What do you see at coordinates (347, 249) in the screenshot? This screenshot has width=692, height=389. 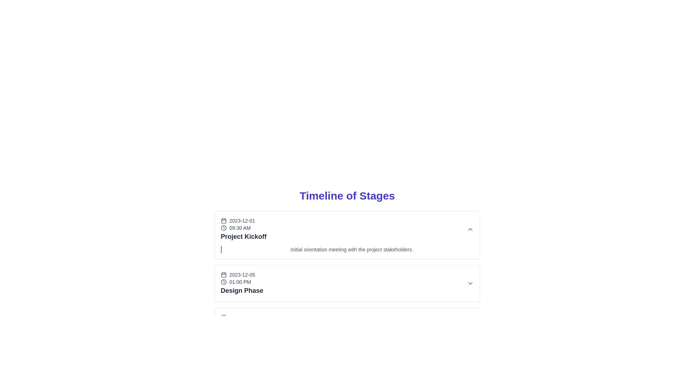 I see `the text label styled in small gray font located beneath the 'Project Kickoff' section and below the timestamp '2023-12-01 09:30 AM' for additional actions` at bounding box center [347, 249].